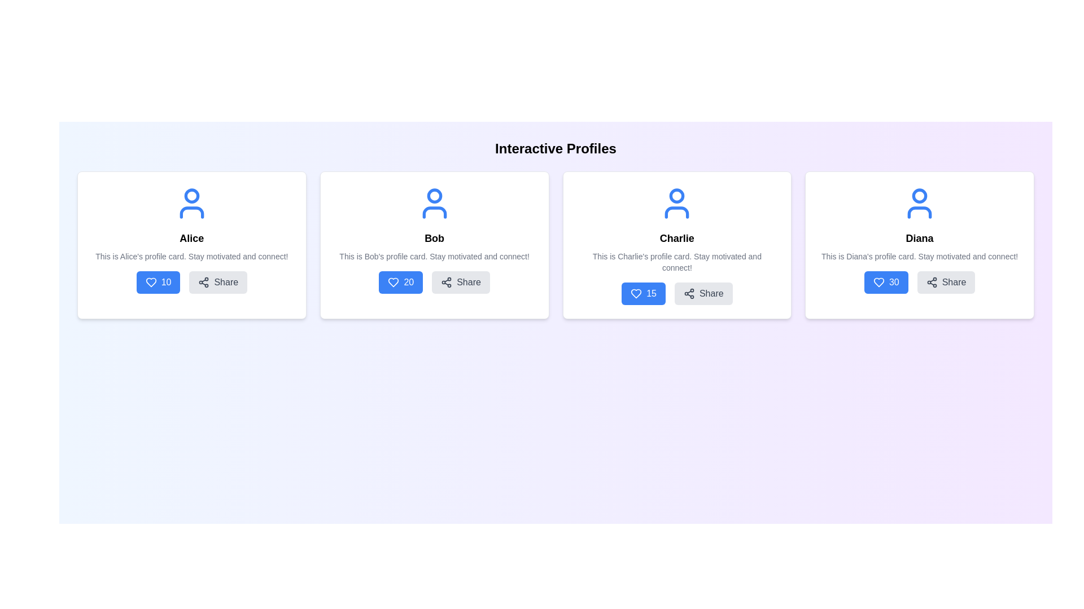 Image resolution: width=1084 pixels, height=609 pixels. I want to click on the stylized user icon representing a profile picture at the top-center of the profile card labeled 'Charlie', which is the third card from the left in the list, so click(677, 204).